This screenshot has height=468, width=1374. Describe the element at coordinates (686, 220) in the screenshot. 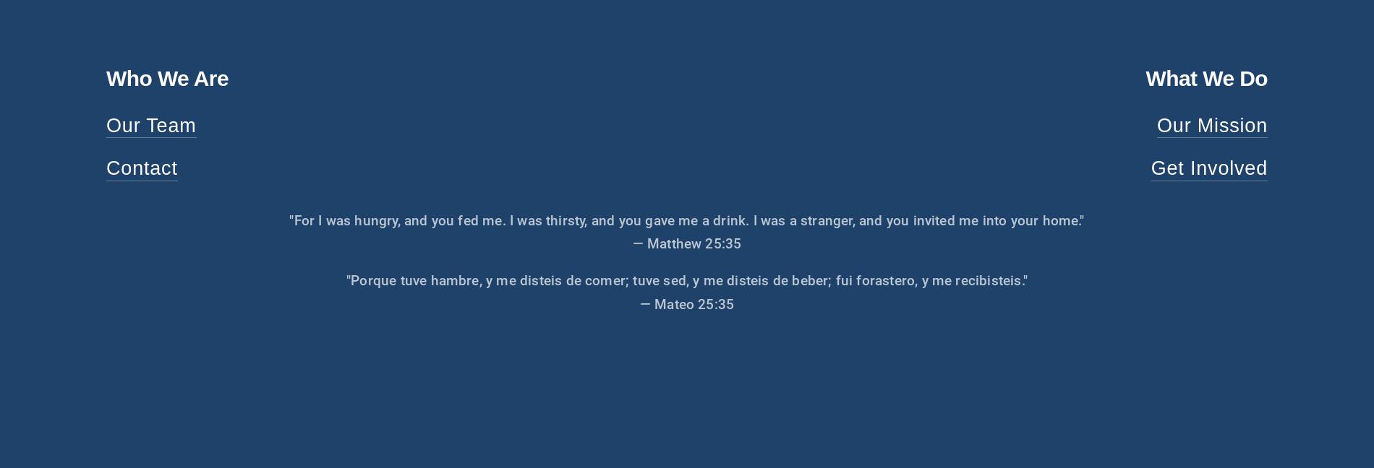

I see `'"For I was hungry, and you fed me. I was thirsty, and you gave me a drink. I was a stranger, and you invited me into your home."'` at that location.